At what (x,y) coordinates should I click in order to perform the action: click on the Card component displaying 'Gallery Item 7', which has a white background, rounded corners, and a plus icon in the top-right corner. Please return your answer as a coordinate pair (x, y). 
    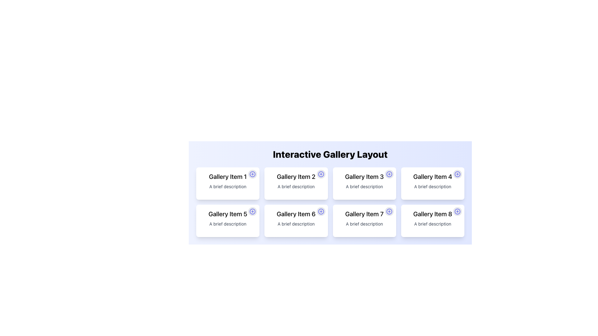
    Looking at the image, I should click on (364, 220).